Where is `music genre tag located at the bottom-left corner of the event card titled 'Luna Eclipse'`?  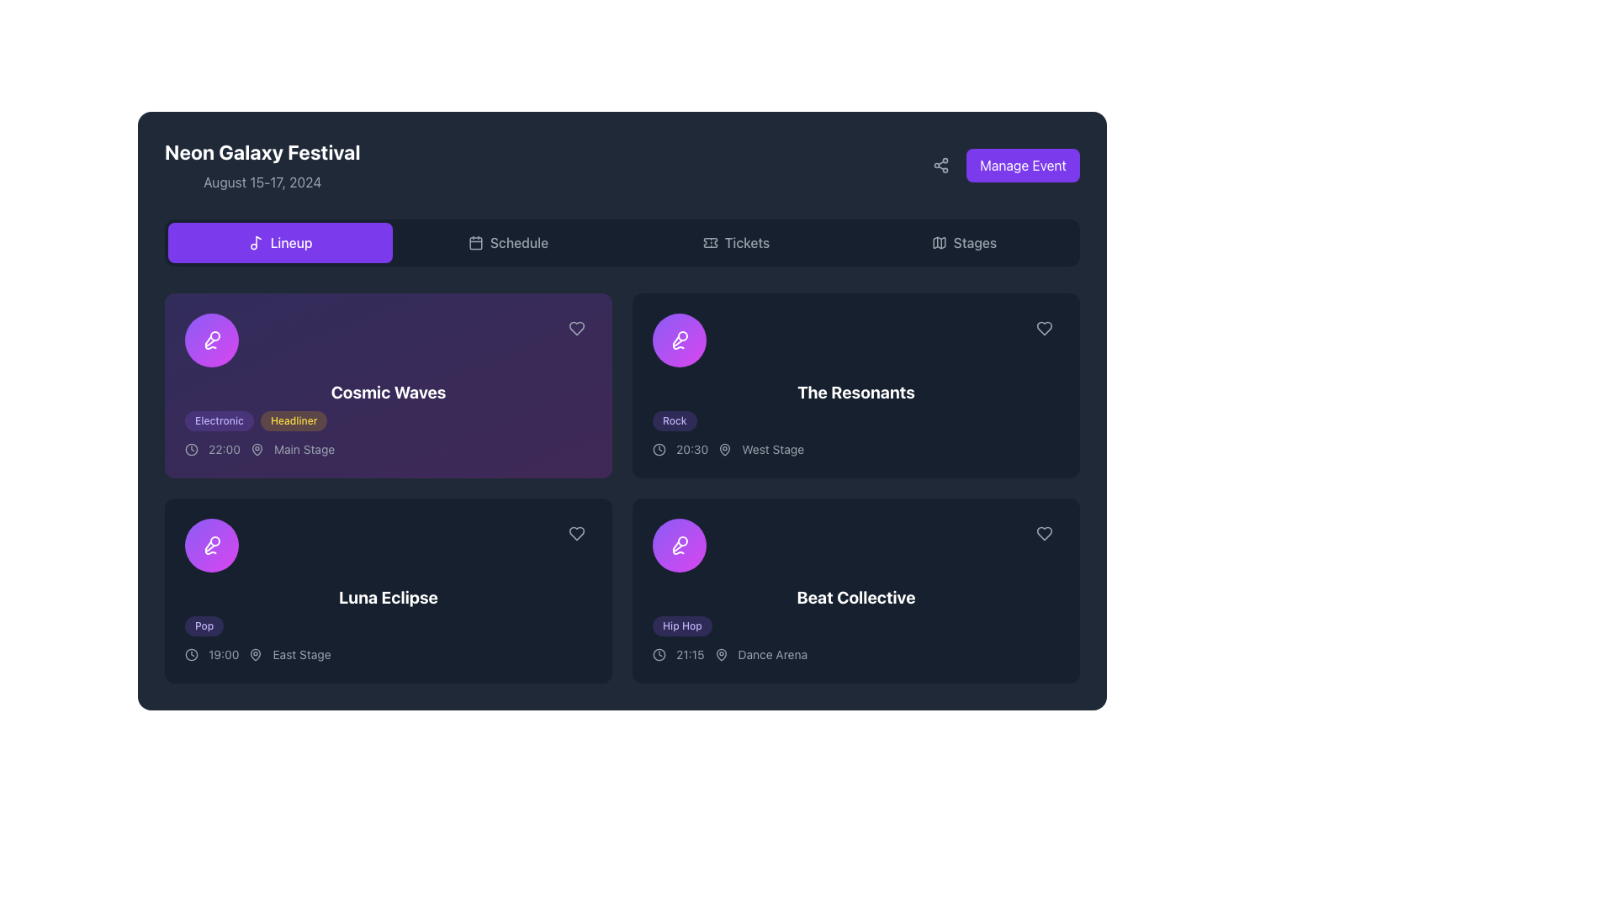
music genre tag located at the bottom-left corner of the event card titled 'Luna Eclipse' is located at coordinates (204, 626).